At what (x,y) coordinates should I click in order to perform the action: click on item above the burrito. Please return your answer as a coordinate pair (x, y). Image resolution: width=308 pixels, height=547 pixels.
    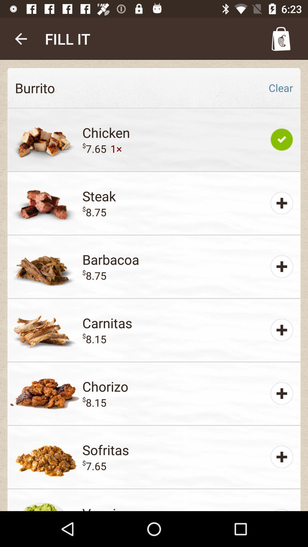
    Looking at the image, I should click on (21, 38).